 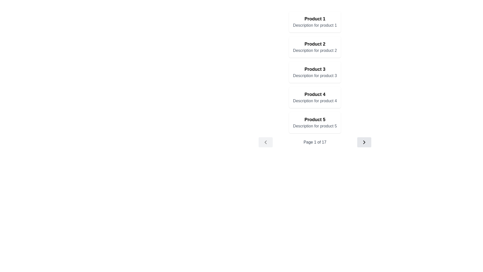 What do you see at coordinates (315, 69) in the screenshot?
I see `the header text of the third product item in the vertical list of product cards` at bounding box center [315, 69].